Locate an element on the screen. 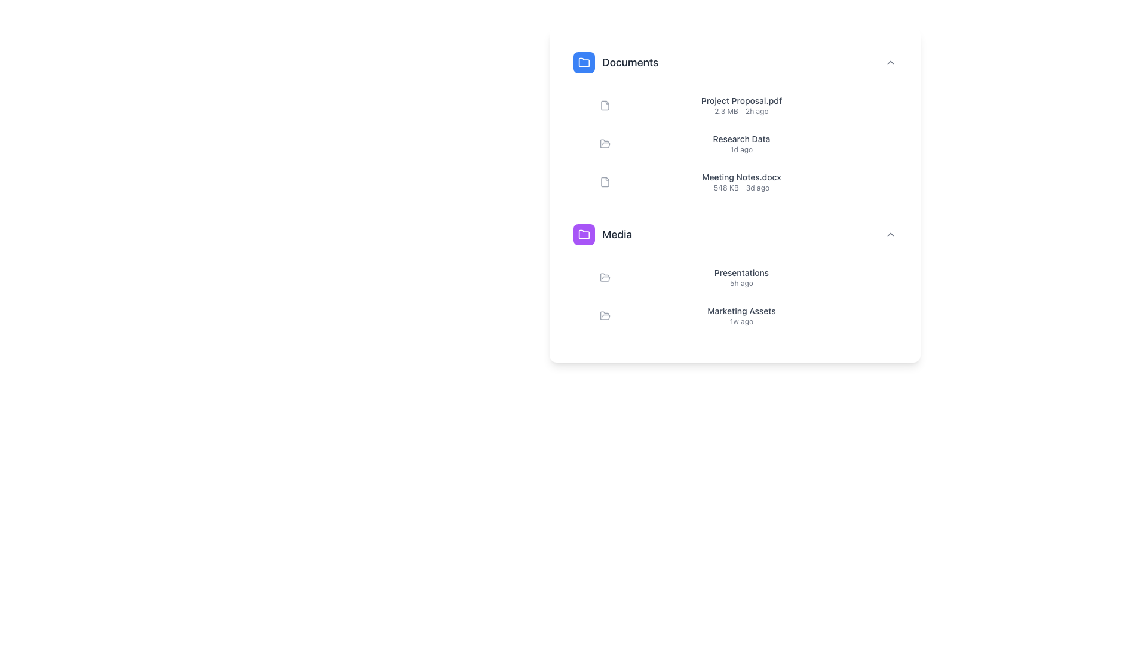  the content of the text label that indicates the time elapsed since the 'Presentations' folder was last modified or accessed, positioned below the 'Presentations' folder name in the 'Media' section is located at coordinates (741, 283).